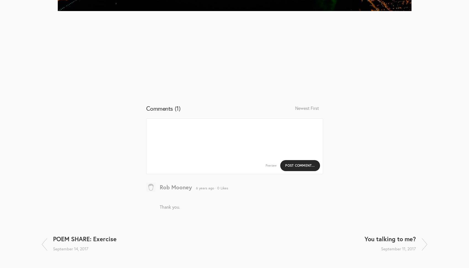 Image resolution: width=469 pixels, height=268 pixels. What do you see at coordinates (300, 165) in the screenshot?
I see `'Post Comment…'` at bounding box center [300, 165].